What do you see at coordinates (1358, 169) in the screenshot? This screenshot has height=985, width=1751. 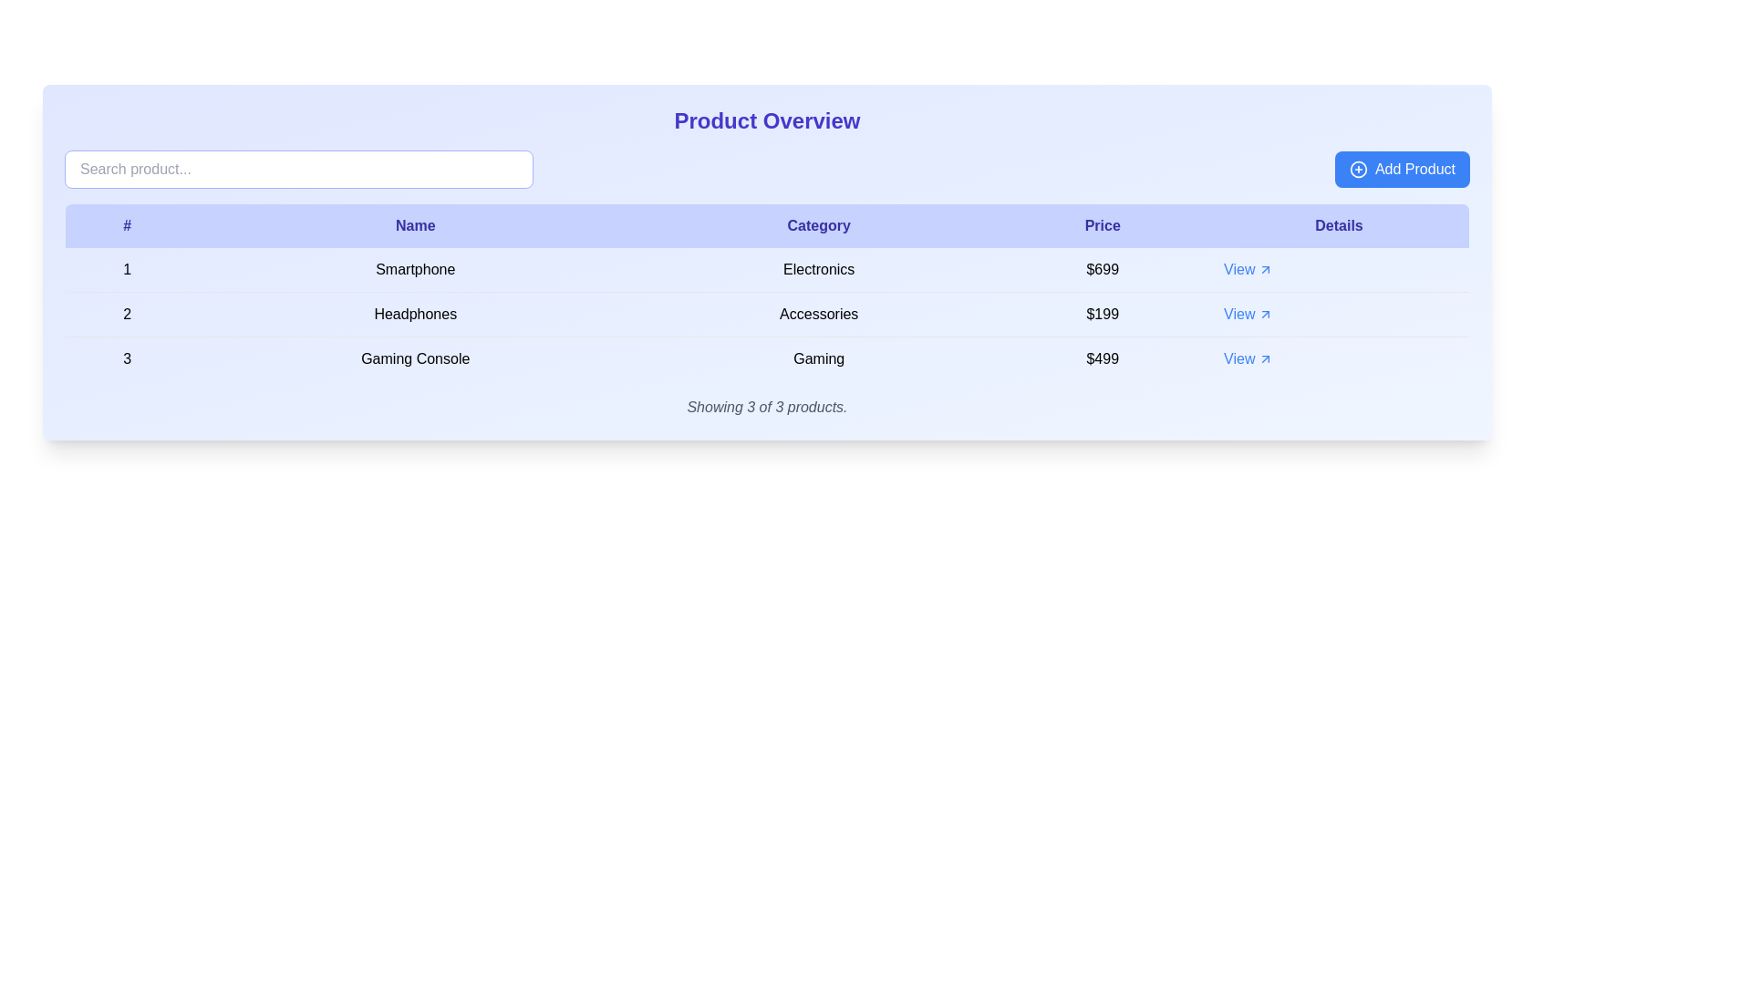 I see `the icon on the left side of the 'Add Product' button located in the top-right corner` at bounding box center [1358, 169].